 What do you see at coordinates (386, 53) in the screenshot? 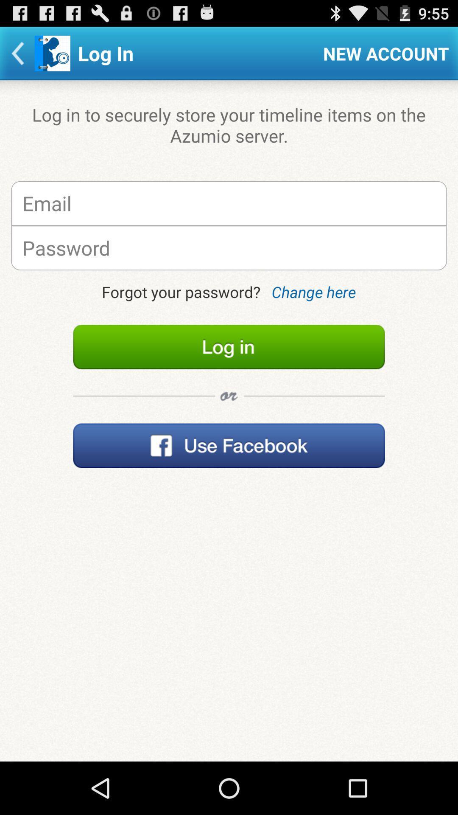
I see `new account item` at bounding box center [386, 53].